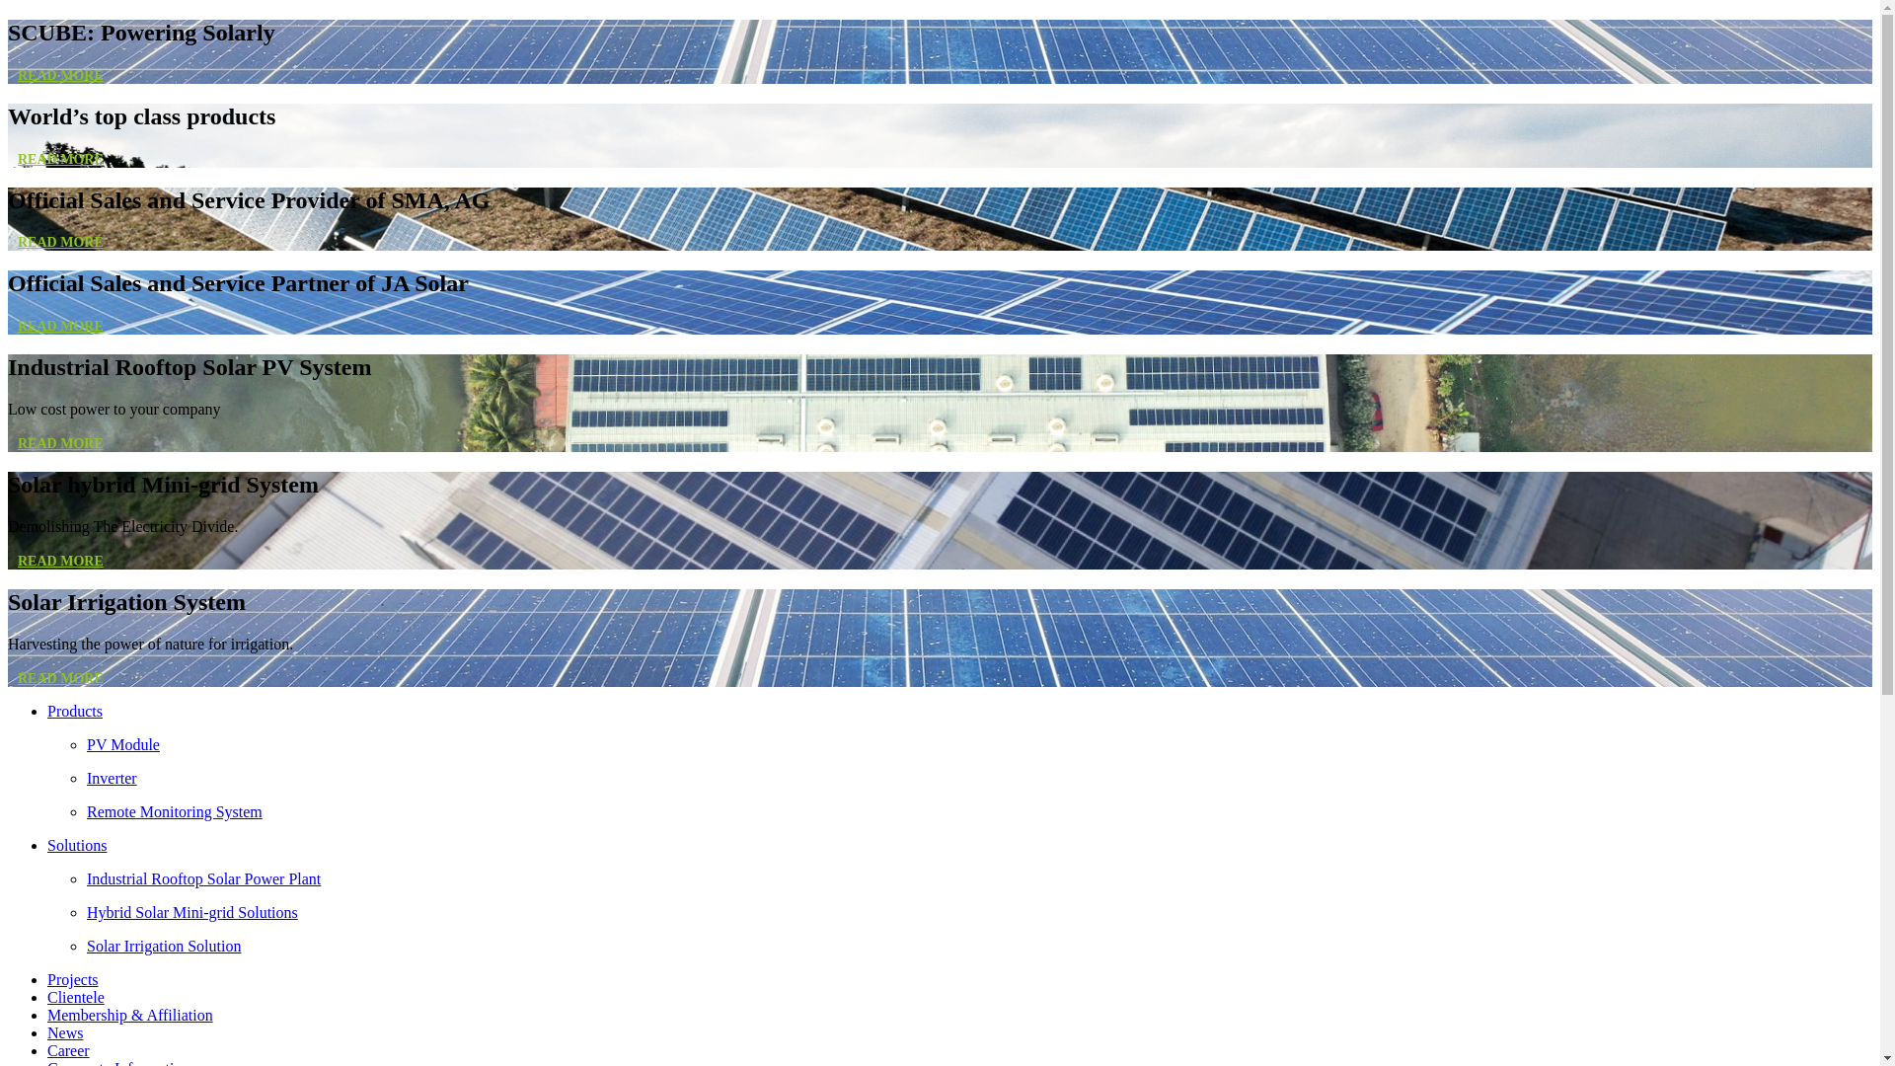 The height and width of the screenshot is (1066, 1895). What do you see at coordinates (979, 913) in the screenshot?
I see `'Hybrid Solar Mini-grid Solutions'` at bounding box center [979, 913].